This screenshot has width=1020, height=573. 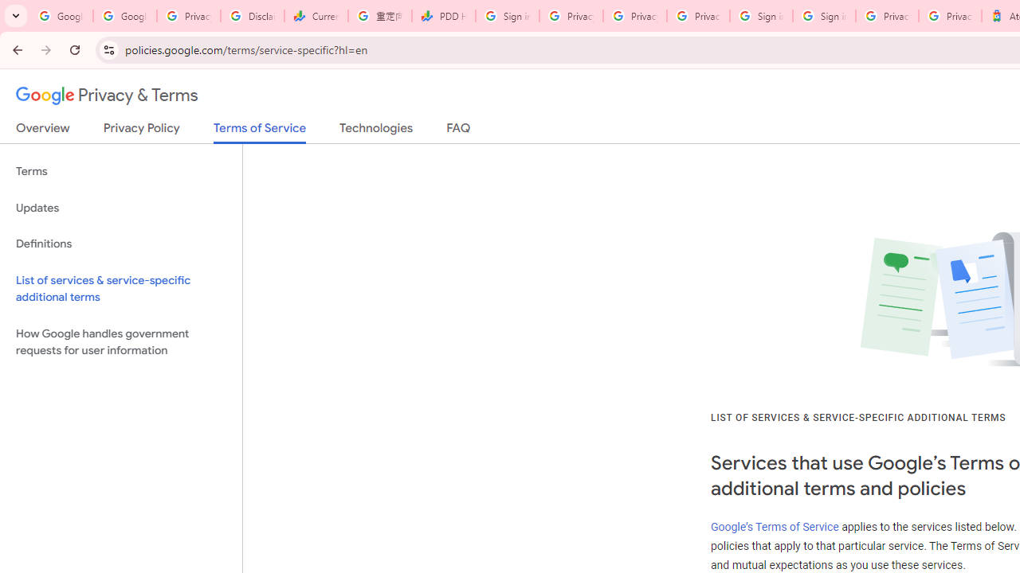 I want to click on 'PDD Holdings Inc - ADR (PDD) Price & News - Google Finance', so click(x=443, y=16).